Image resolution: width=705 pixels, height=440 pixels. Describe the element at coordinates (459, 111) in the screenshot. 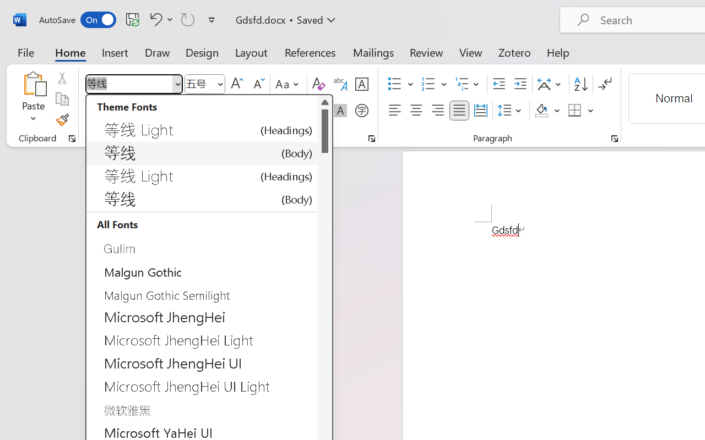

I see `'Justify'` at that location.